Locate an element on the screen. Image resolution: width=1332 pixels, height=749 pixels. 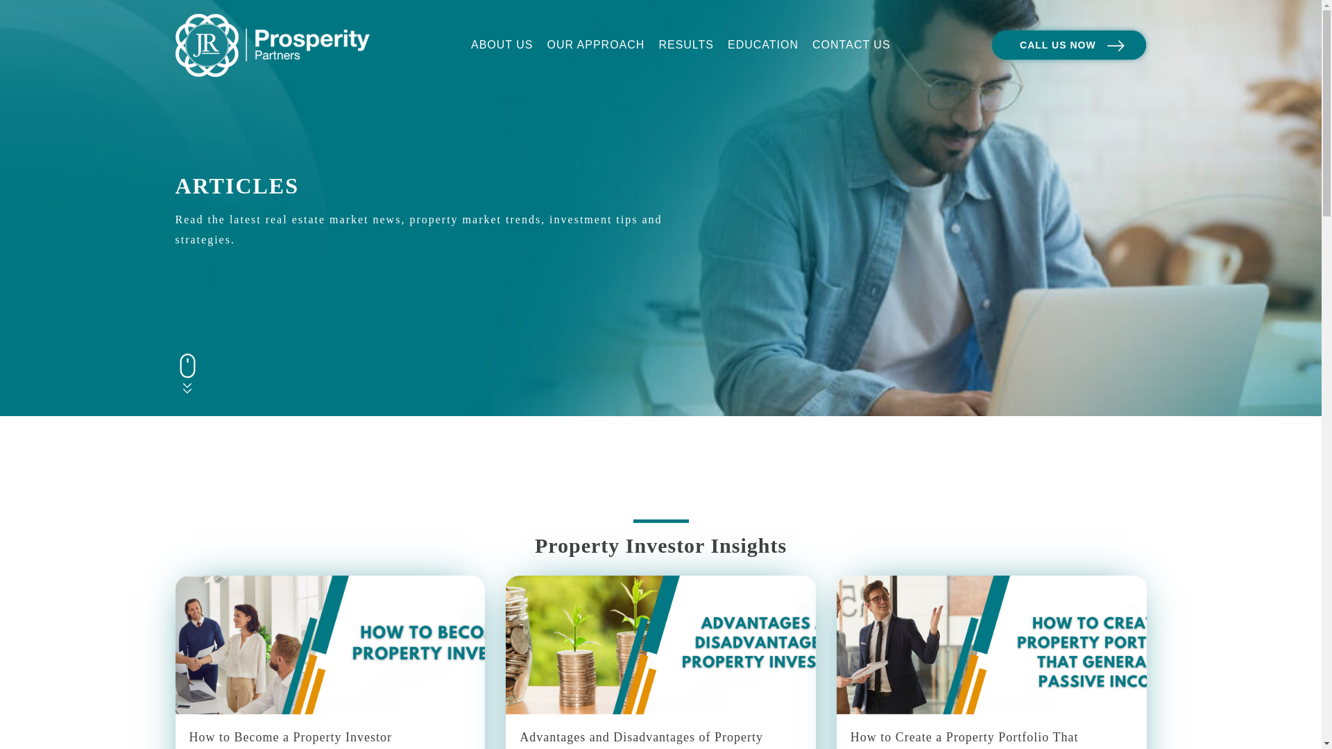
'OUR APPROACH' is located at coordinates (595, 44).